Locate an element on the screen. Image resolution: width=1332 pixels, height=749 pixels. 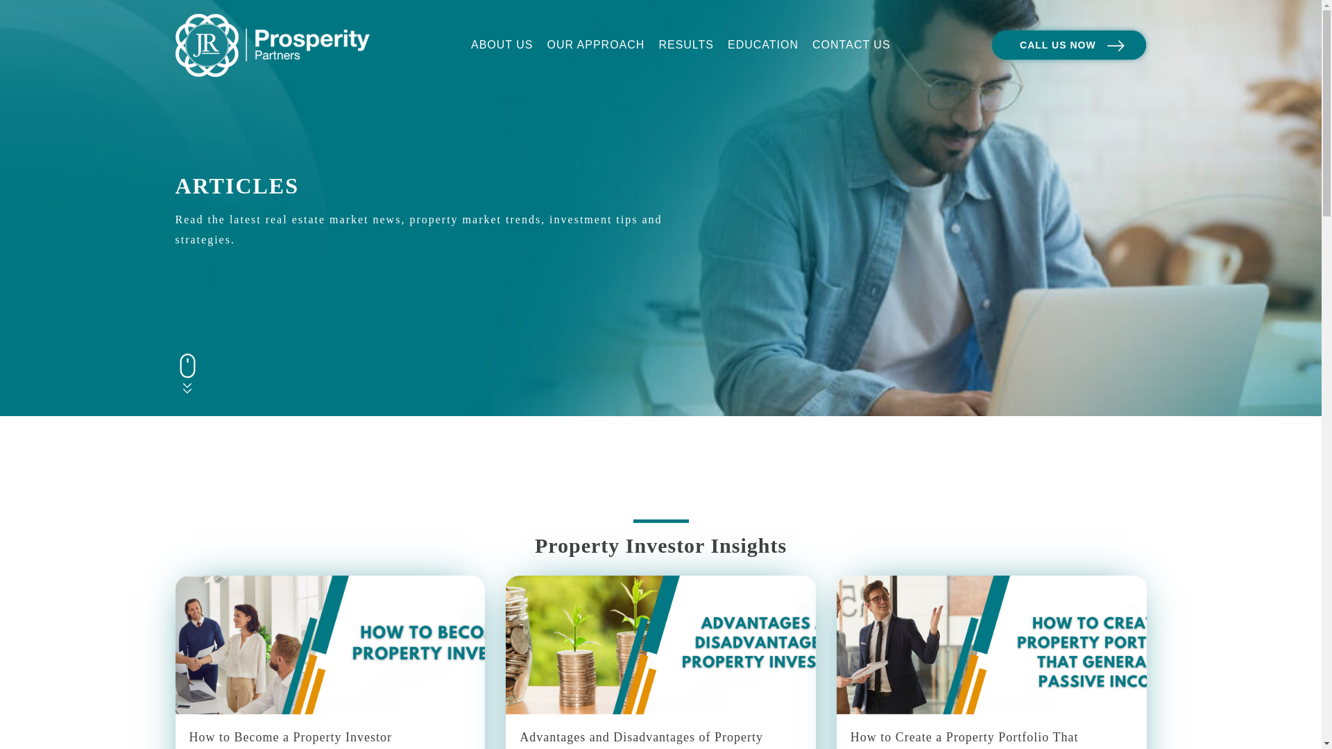
'OUR APPROACH' is located at coordinates (595, 44).